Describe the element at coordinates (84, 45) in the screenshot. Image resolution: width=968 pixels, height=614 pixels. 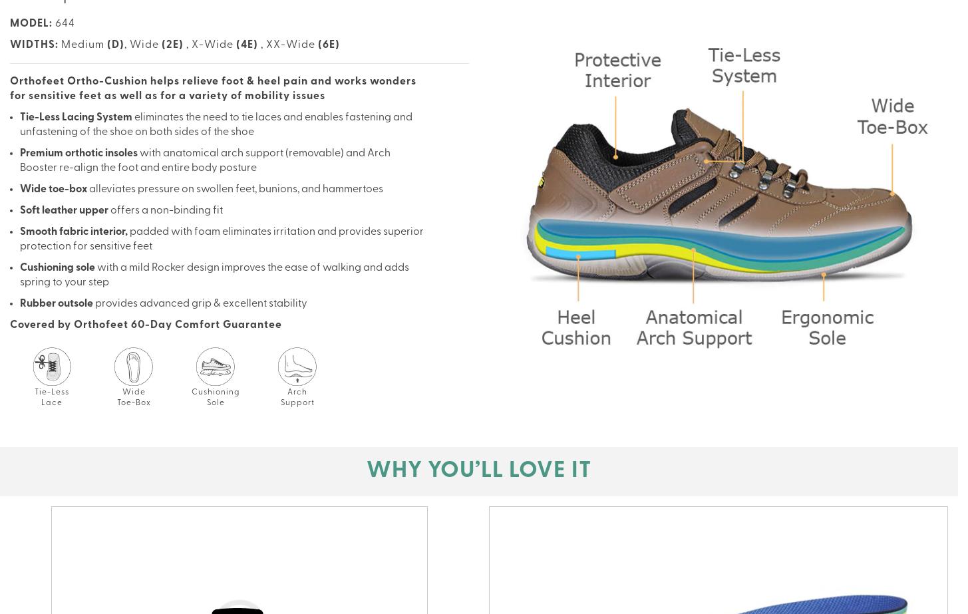
I see `'Medium'` at that location.